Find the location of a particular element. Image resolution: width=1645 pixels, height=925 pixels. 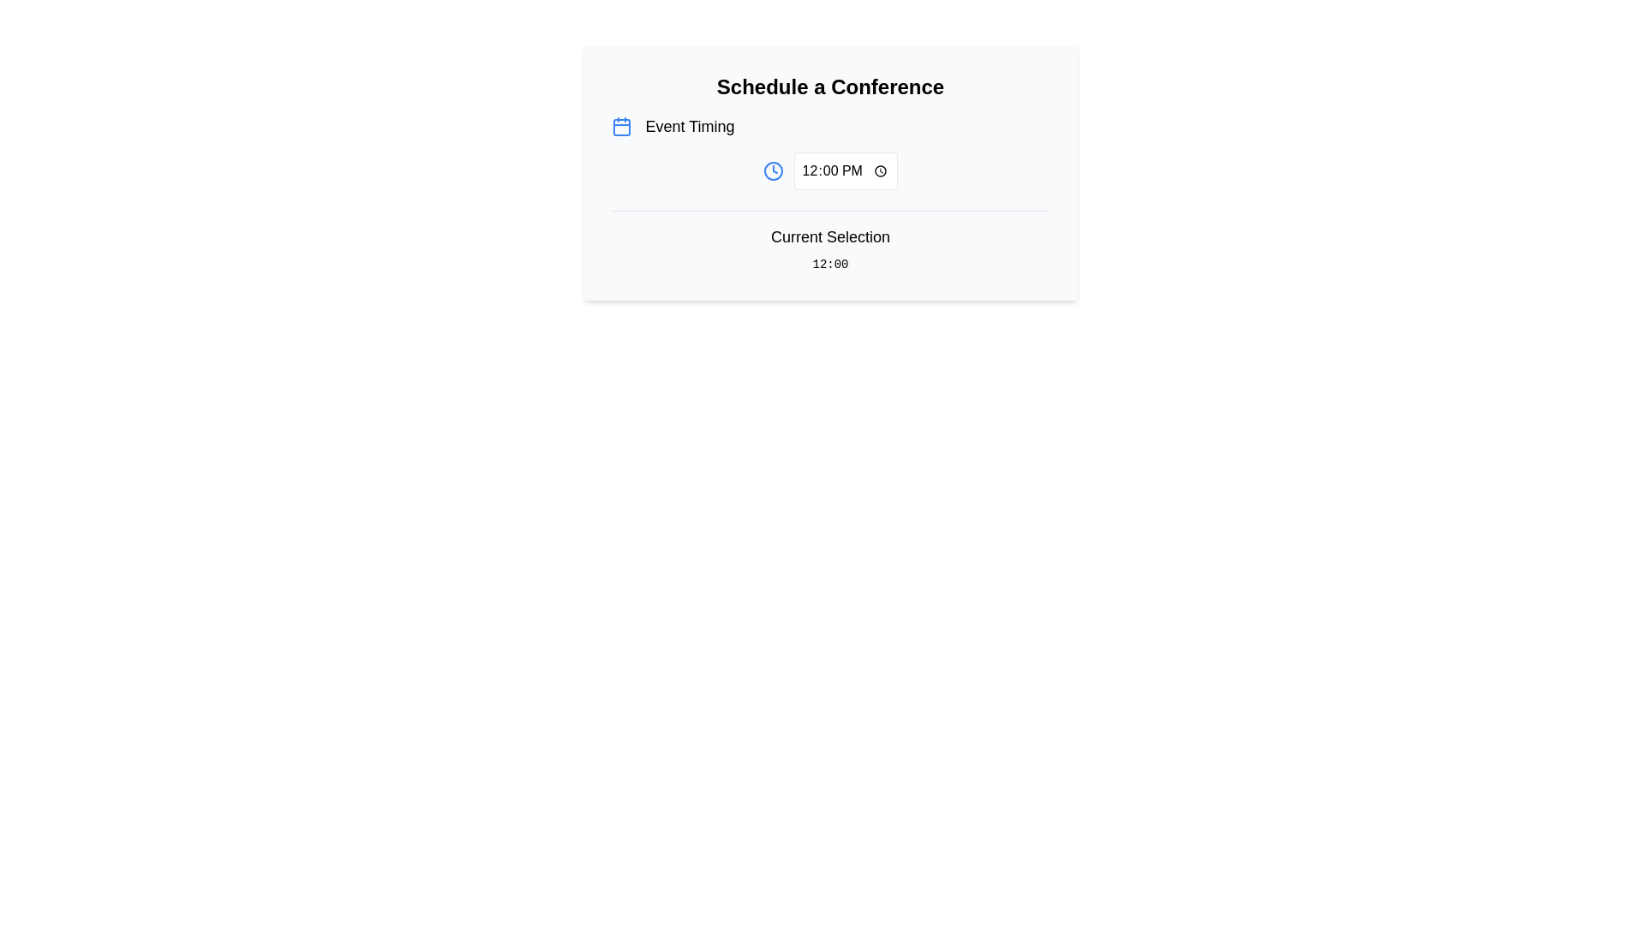

the event scheduling icon located to the left of the 'Event Timing' text within the 'Schedule a Conference' section is located at coordinates (620, 125).